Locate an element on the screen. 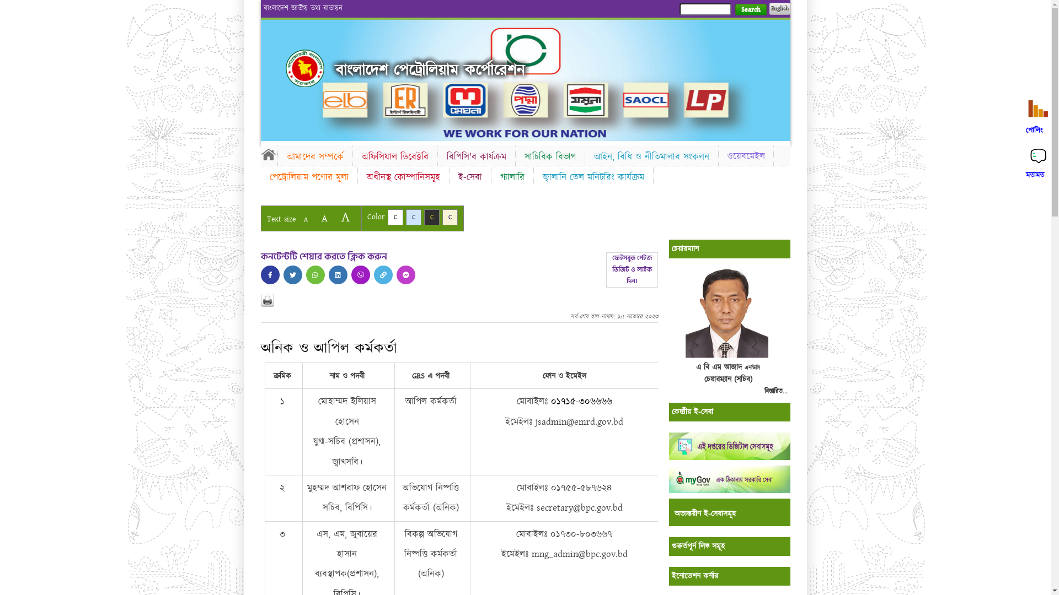 The height and width of the screenshot is (595, 1059). 'English' is located at coordinates (778, 8).